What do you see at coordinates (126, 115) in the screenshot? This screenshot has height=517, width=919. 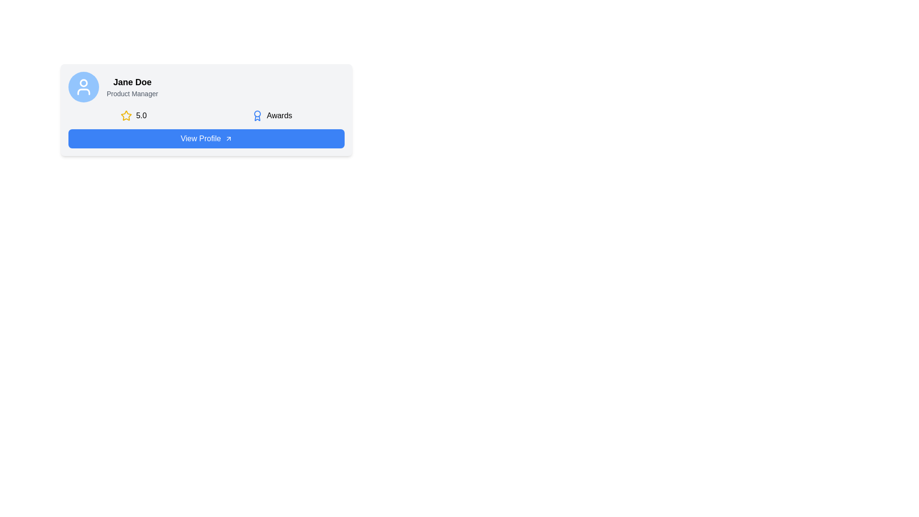 I see `the SVG icon representing a rating or award, which is visually indicative of the numeric text value '5.0' next to it` at bounding box center [126, 115].